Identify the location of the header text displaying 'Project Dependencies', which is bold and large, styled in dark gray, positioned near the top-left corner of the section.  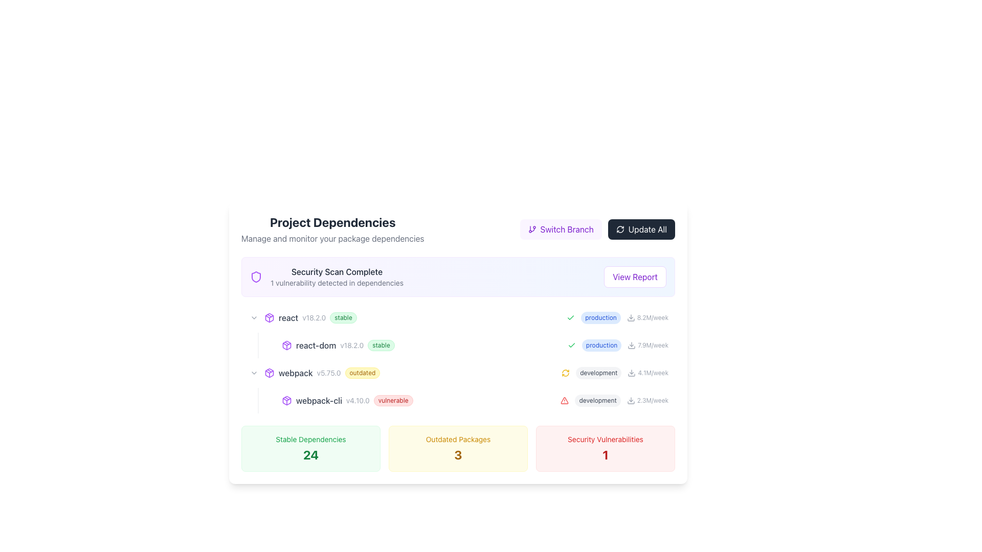
(332, 222).